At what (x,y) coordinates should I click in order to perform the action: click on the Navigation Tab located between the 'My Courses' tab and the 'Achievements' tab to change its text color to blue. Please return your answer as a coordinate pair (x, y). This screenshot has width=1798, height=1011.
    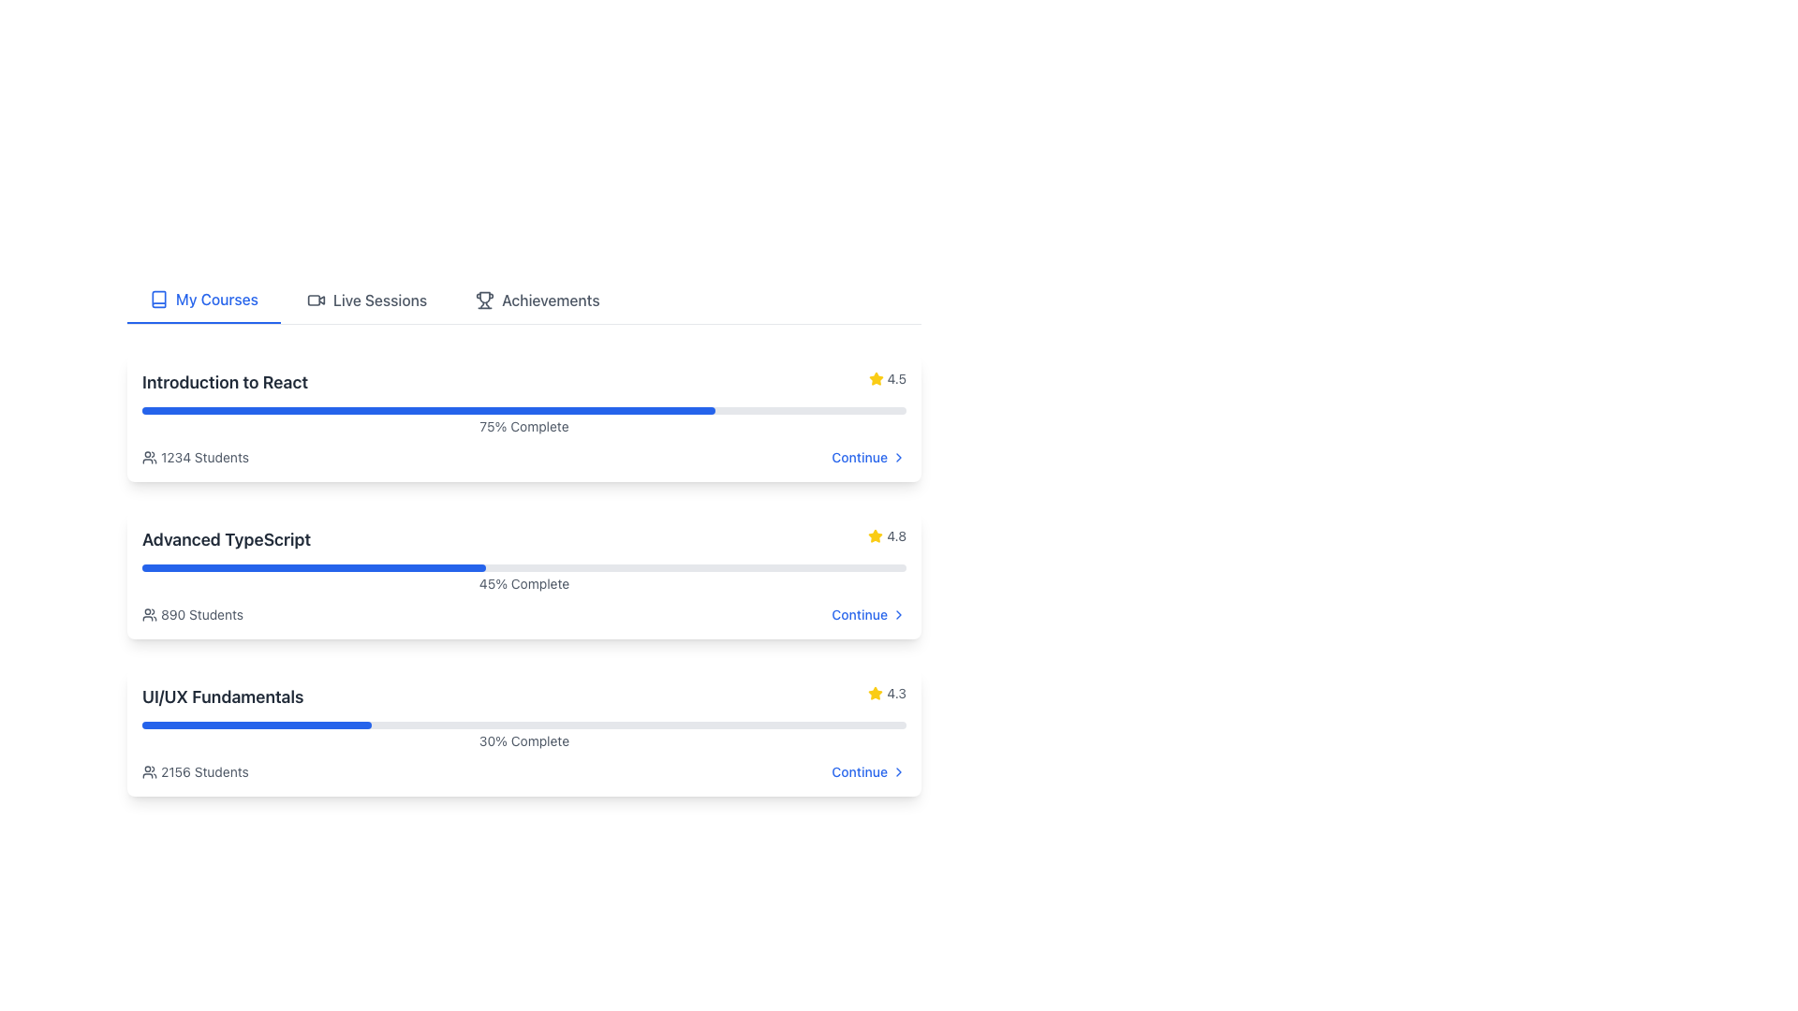
    Looking at the image, I should click on (367, 299).